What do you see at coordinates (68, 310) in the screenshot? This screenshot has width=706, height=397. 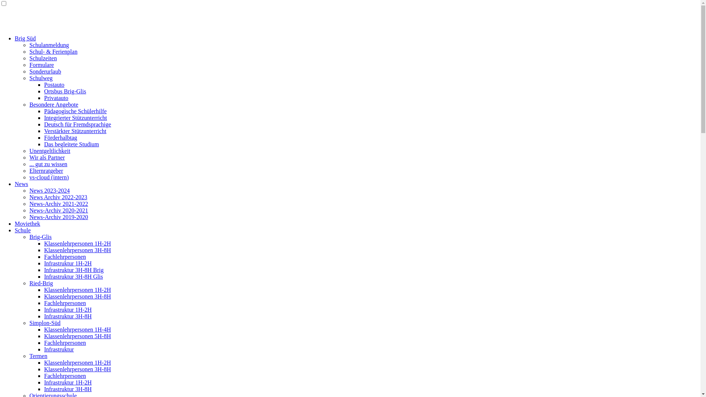 I see `'Infrastruktur 1H-2H'` at bounding box center [68, 310].